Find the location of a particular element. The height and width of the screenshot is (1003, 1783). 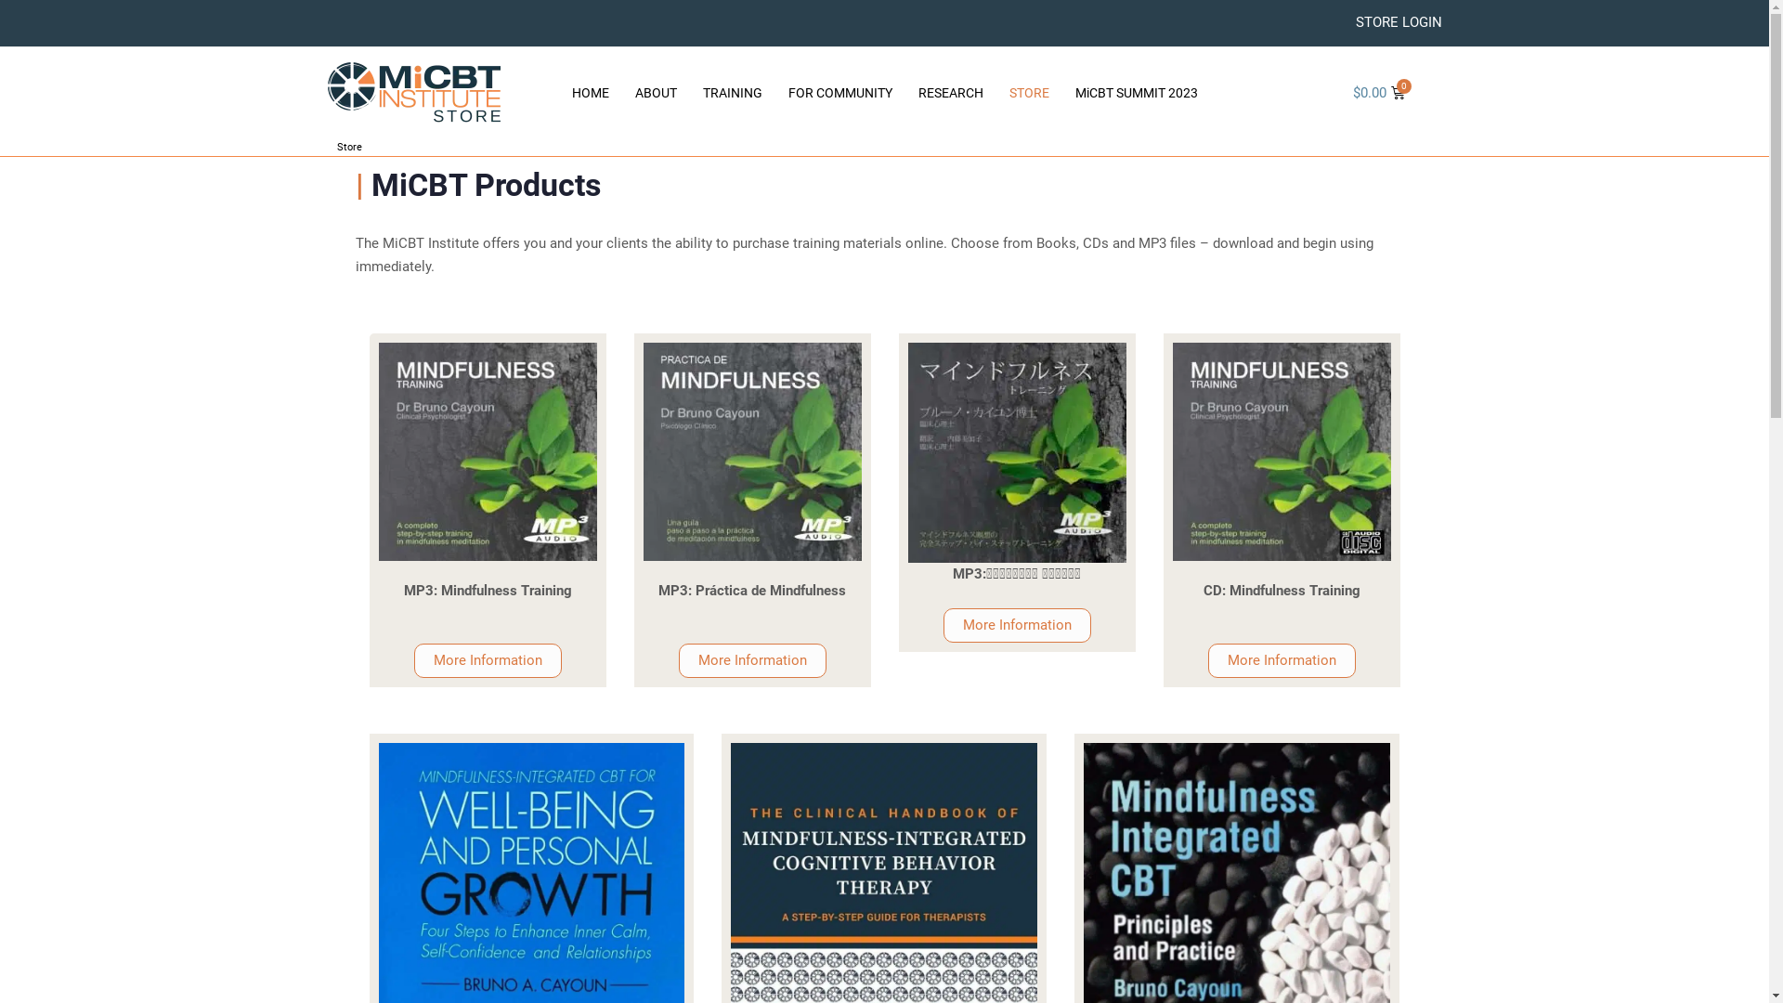

'STORE LOGIN' is located at coordinates (1399, 22).